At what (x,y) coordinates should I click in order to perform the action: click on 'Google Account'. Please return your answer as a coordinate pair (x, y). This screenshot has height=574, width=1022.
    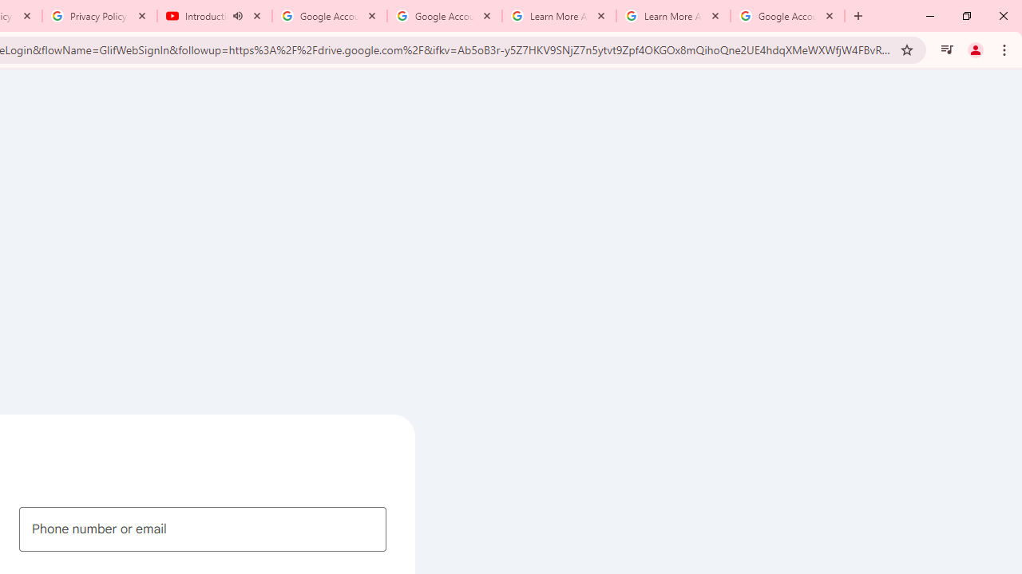
    Looking at the image, I should click on (787, 16).